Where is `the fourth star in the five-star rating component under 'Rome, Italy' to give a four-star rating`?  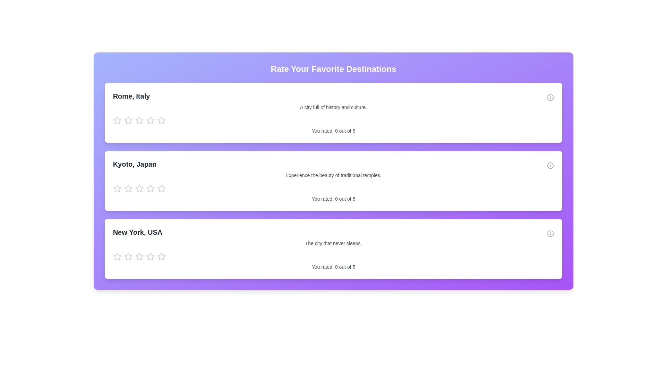 the fourth star in the five-star rating component under 'Rome, Italy' to give a four-star rating is located at coordinates (139, 120).